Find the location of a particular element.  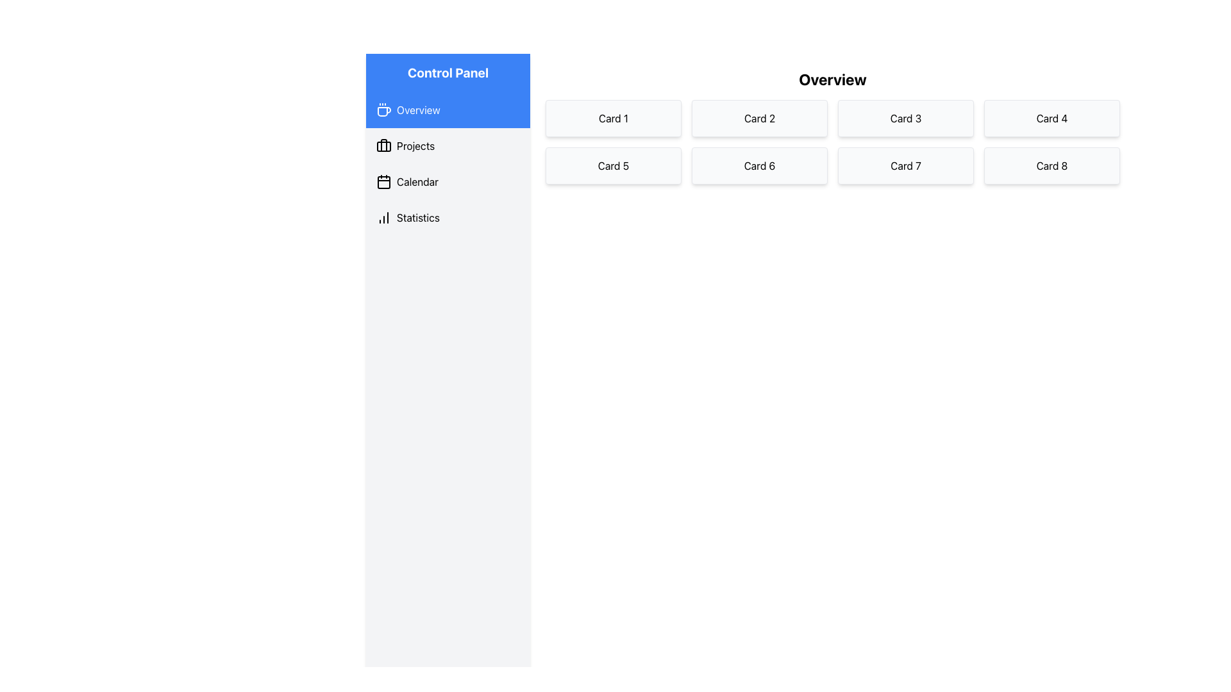

the text element labeling 'Card 3' within a grid layout, positioned between 'Card 2' and 'Card 4' is located at coordinates (905, 119).